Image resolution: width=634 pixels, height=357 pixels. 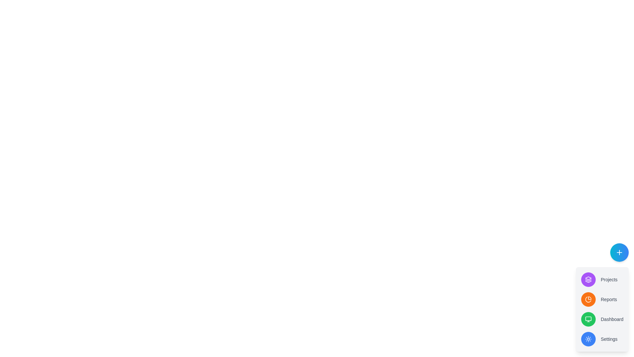 What do you see at coordinates (602, 309) in the screenshot?
I see `the circular button in the bottom-right corner of the interface` at bounding box center [602, 309].